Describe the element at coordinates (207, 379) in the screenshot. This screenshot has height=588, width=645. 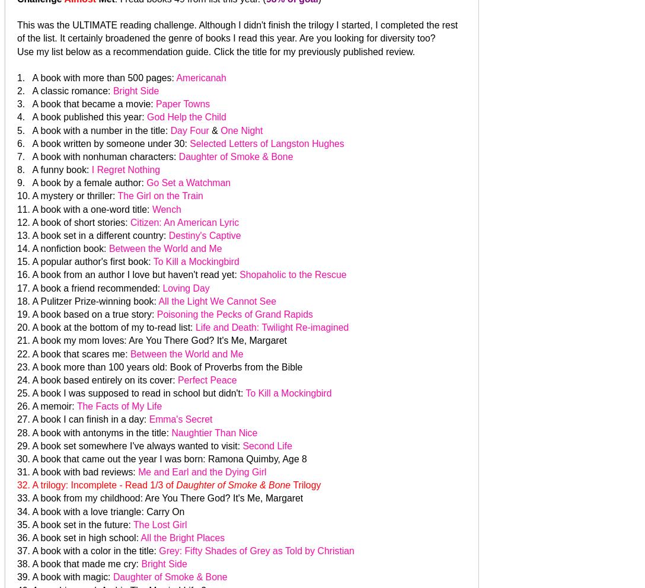
I see `'Perfect Peace'` at that location.